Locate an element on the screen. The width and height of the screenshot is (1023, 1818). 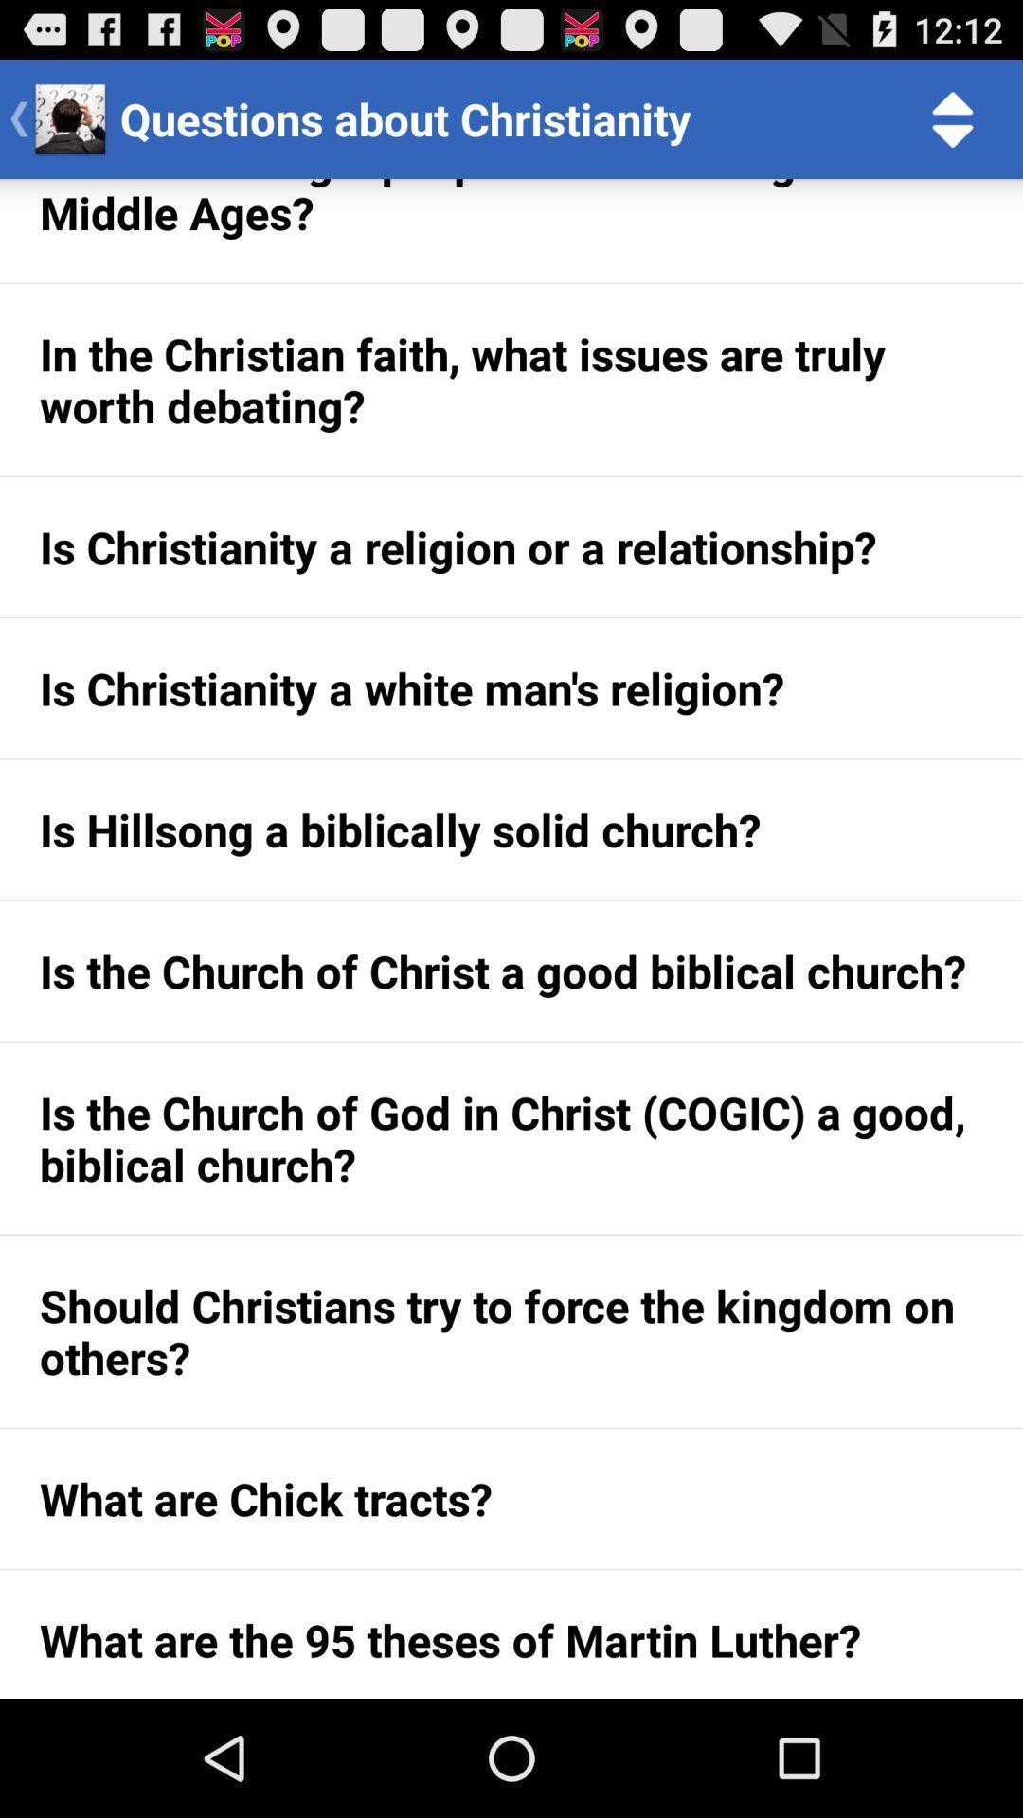
the app above what are chick app is located at coordinates (511, 1330).